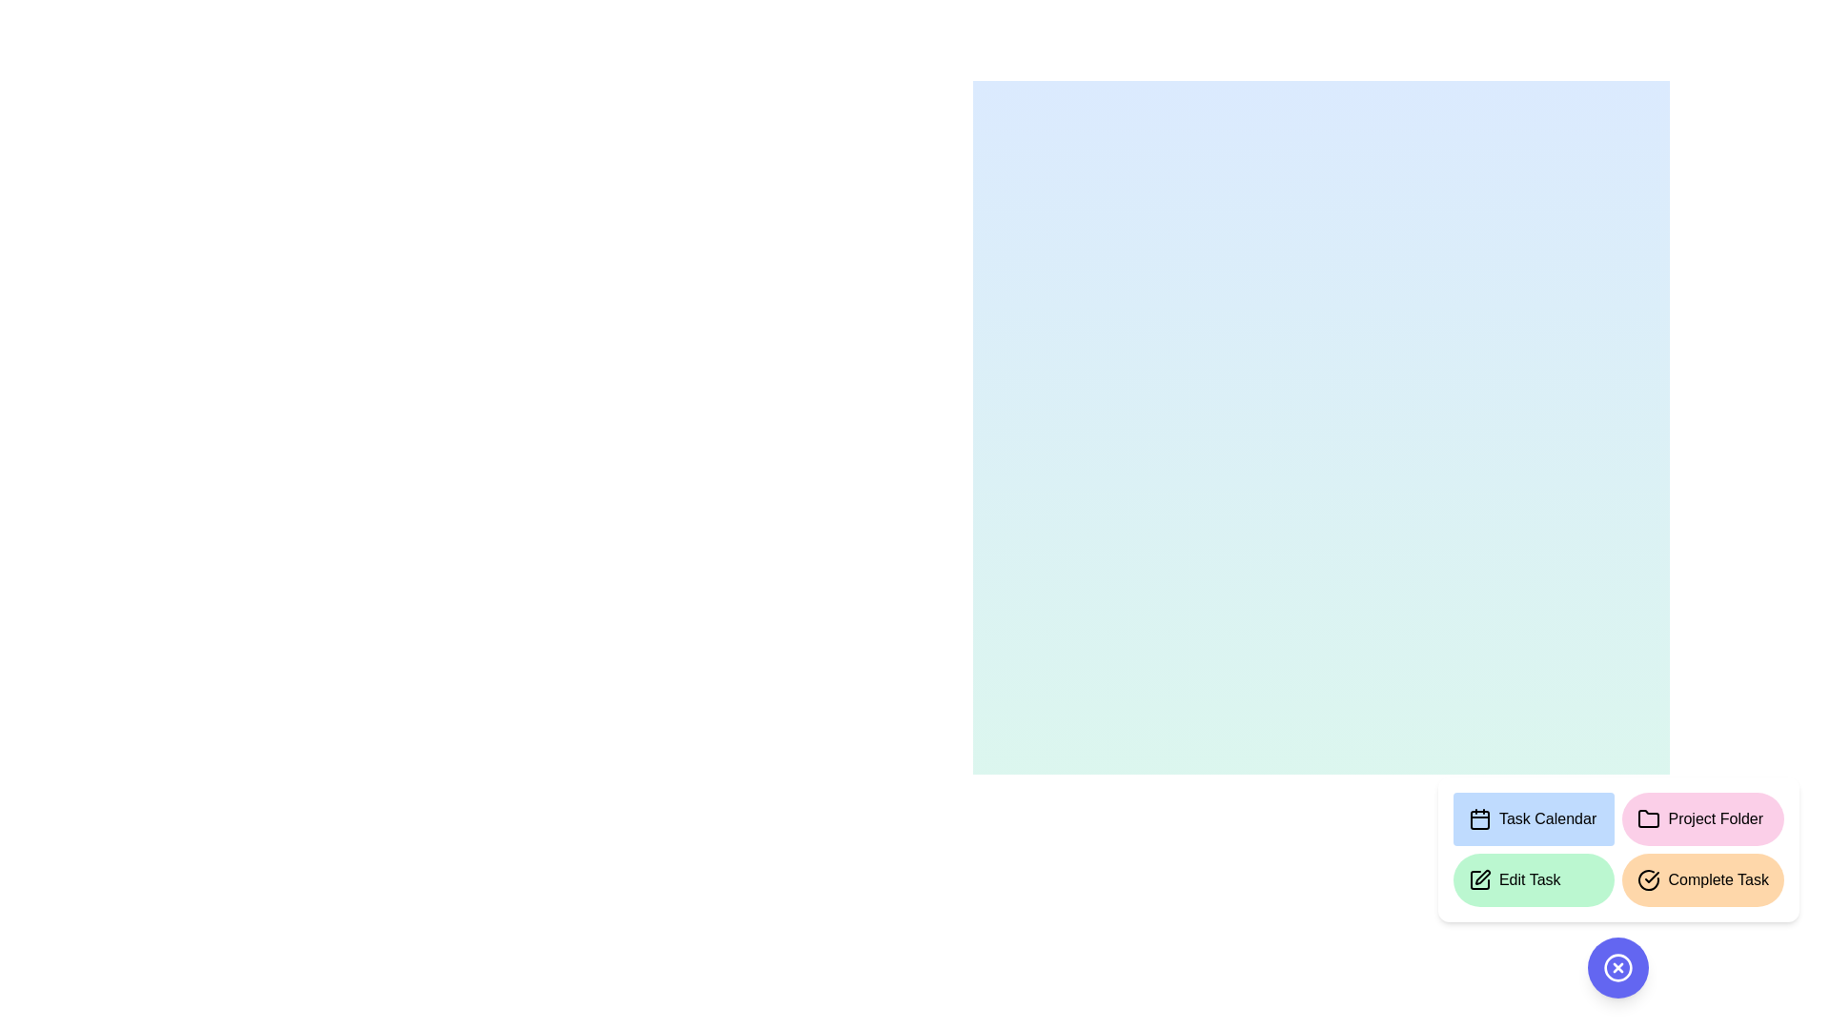 This screenshot has height=1029, width=1830. What do you see at coordinates (1478, 818) in the screenshot?
I see `the calendar icon located at the top-left corner of the 'Task Calendar' button` at bounding box center [1478, 818].